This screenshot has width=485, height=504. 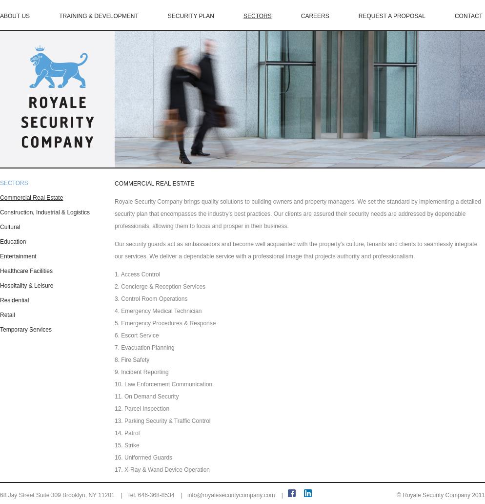 I want to click on 'TRAINING & DEVELOPMENT', so click(x=98, y=16).